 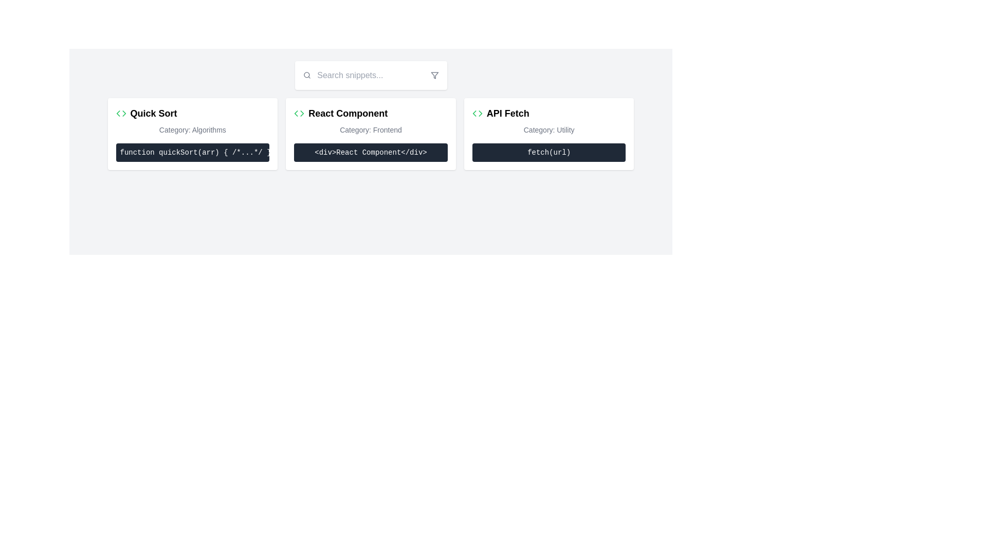 I want to click on the right-pointing green arrow shape within the coding icon located at the top left of the 'Quick Sort' card, so click(x=123, y=113).